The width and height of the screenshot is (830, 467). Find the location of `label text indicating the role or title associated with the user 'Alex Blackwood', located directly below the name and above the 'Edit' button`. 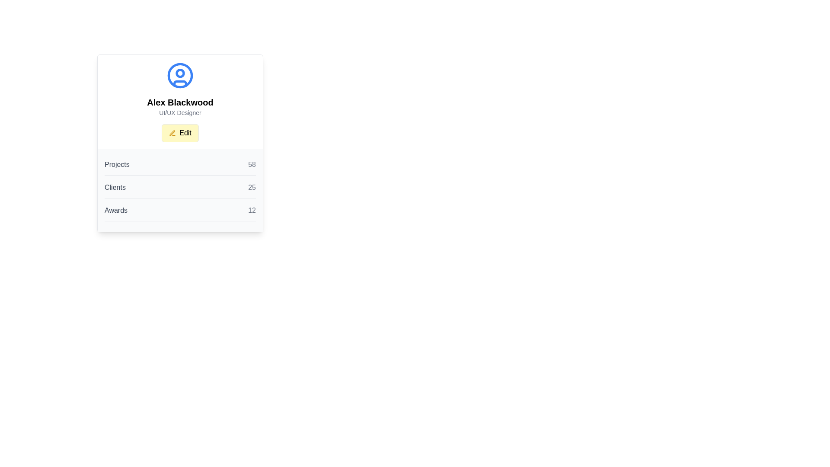

label text indicating the role or title associated with the user 'Alex Blackwood', located directly below the name and above the 'Edit' button is located at coordinates (180, 112).